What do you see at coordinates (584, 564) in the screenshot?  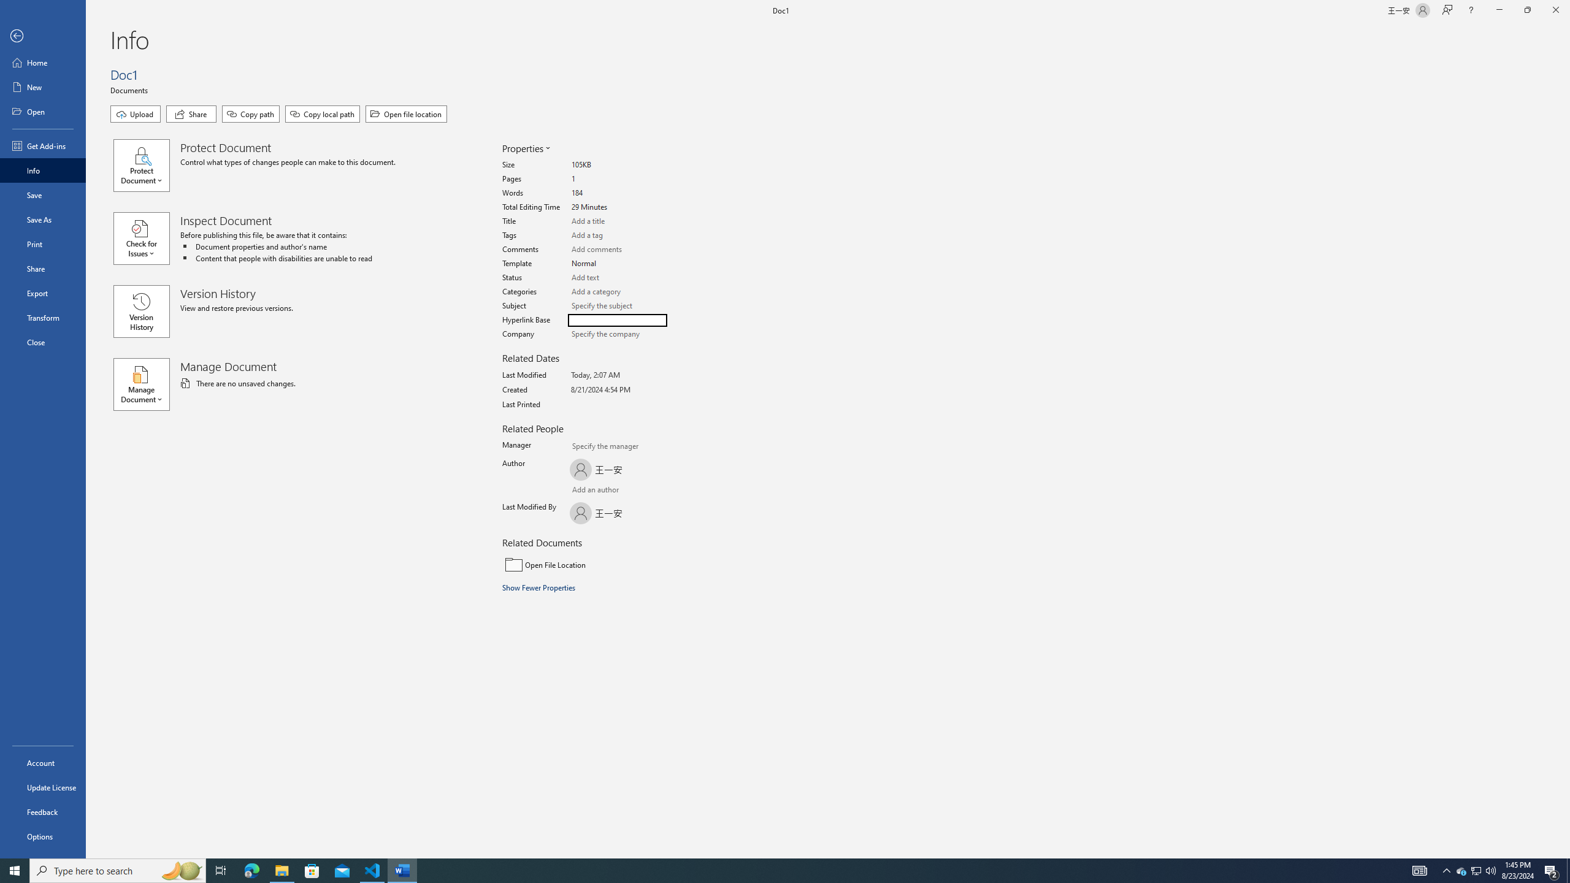 I see `'Open File Location'` at bounding box center [584, 564].